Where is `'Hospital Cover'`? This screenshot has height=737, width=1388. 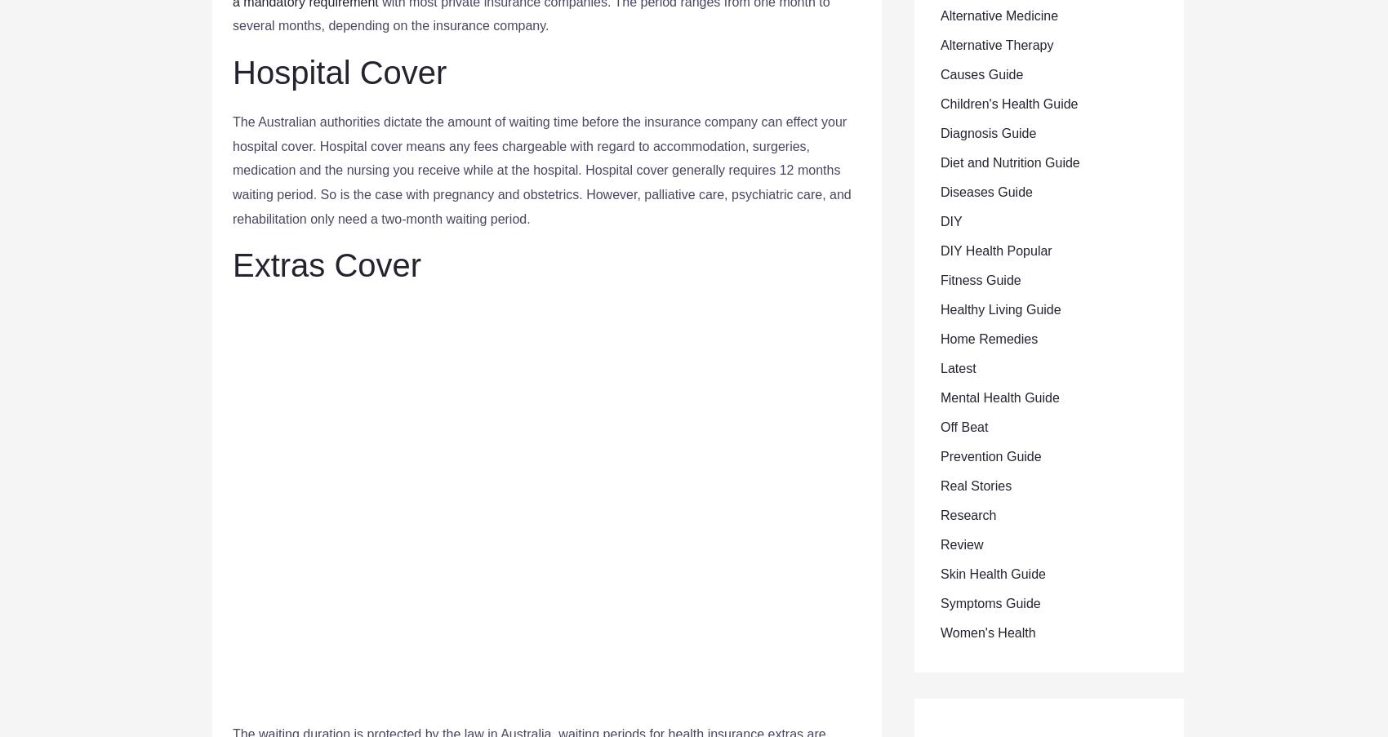 'Hospital Cover' is located at coordinates (338, 72).